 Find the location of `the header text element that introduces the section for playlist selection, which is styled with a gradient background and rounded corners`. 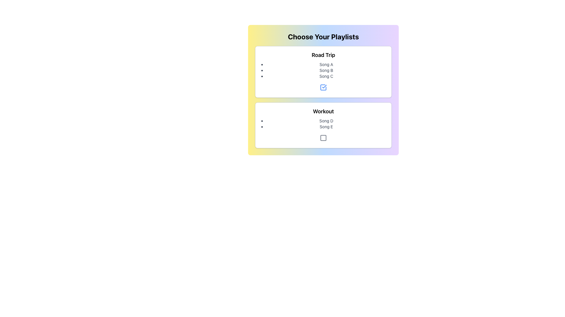

the header text element that introduces the section for playlist selection, which is styled with a gradient background and rounded corners is located at coordinates (323, 36).